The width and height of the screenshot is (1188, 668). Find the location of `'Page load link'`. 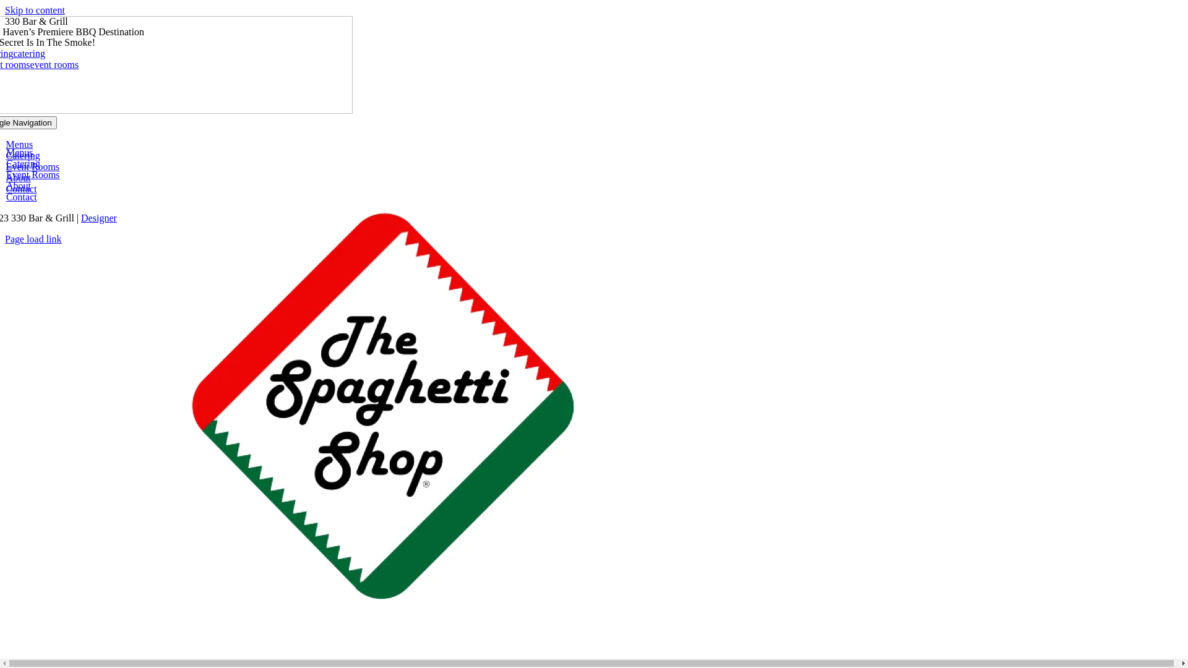

'Page load link' is located at coordinates (33, 239).